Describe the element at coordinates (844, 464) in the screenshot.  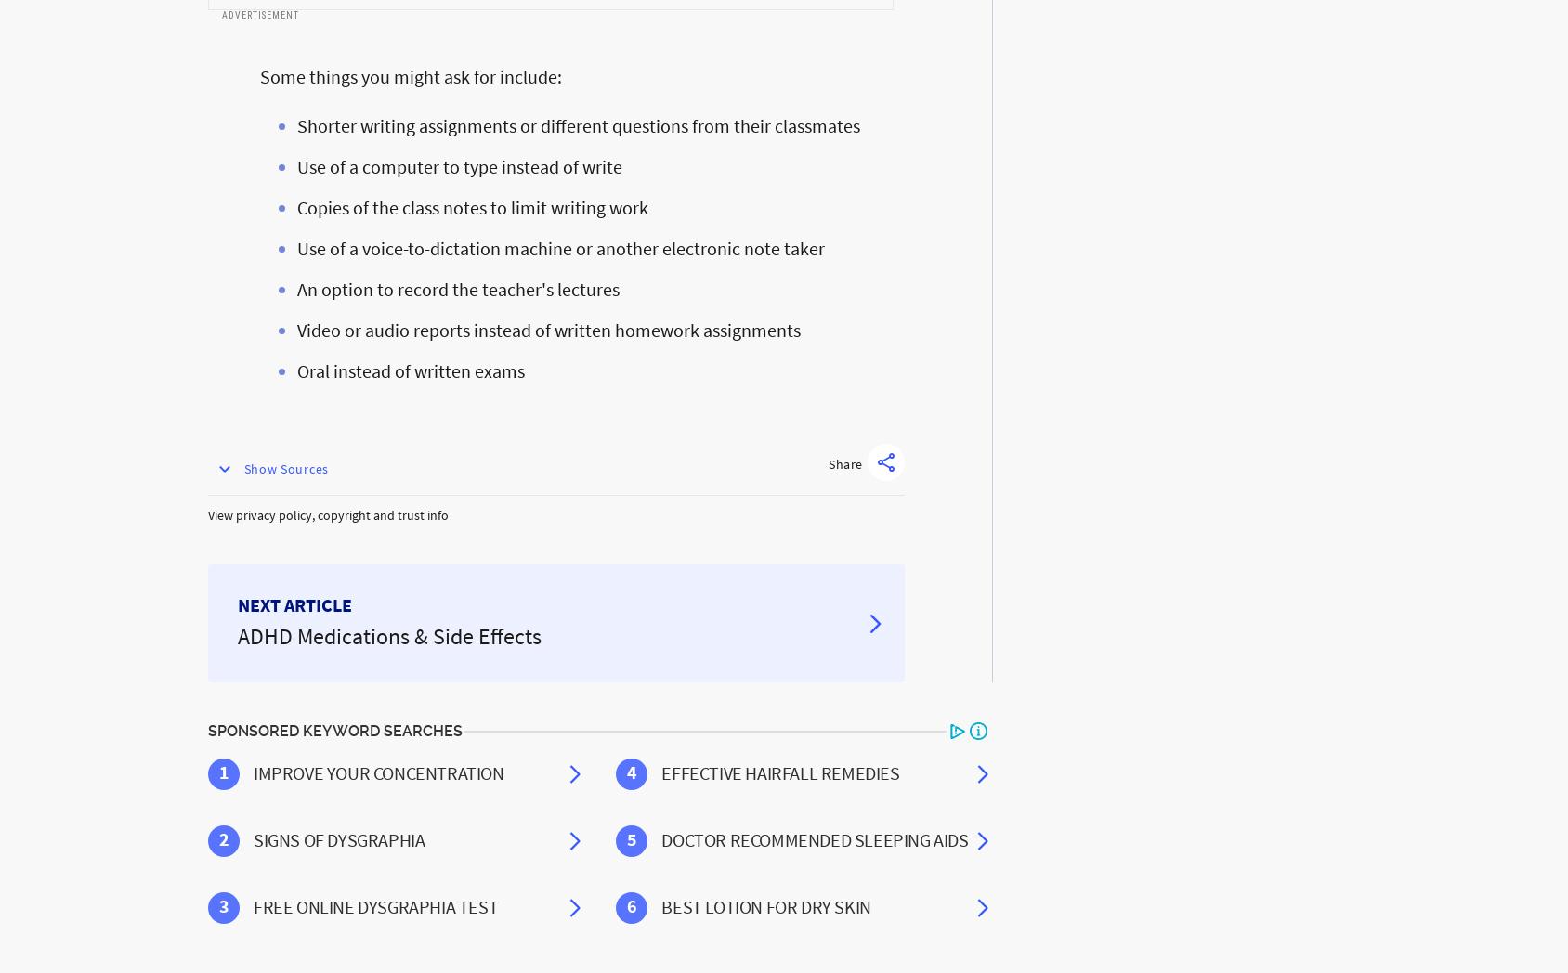
I see `'Share'` at that location.